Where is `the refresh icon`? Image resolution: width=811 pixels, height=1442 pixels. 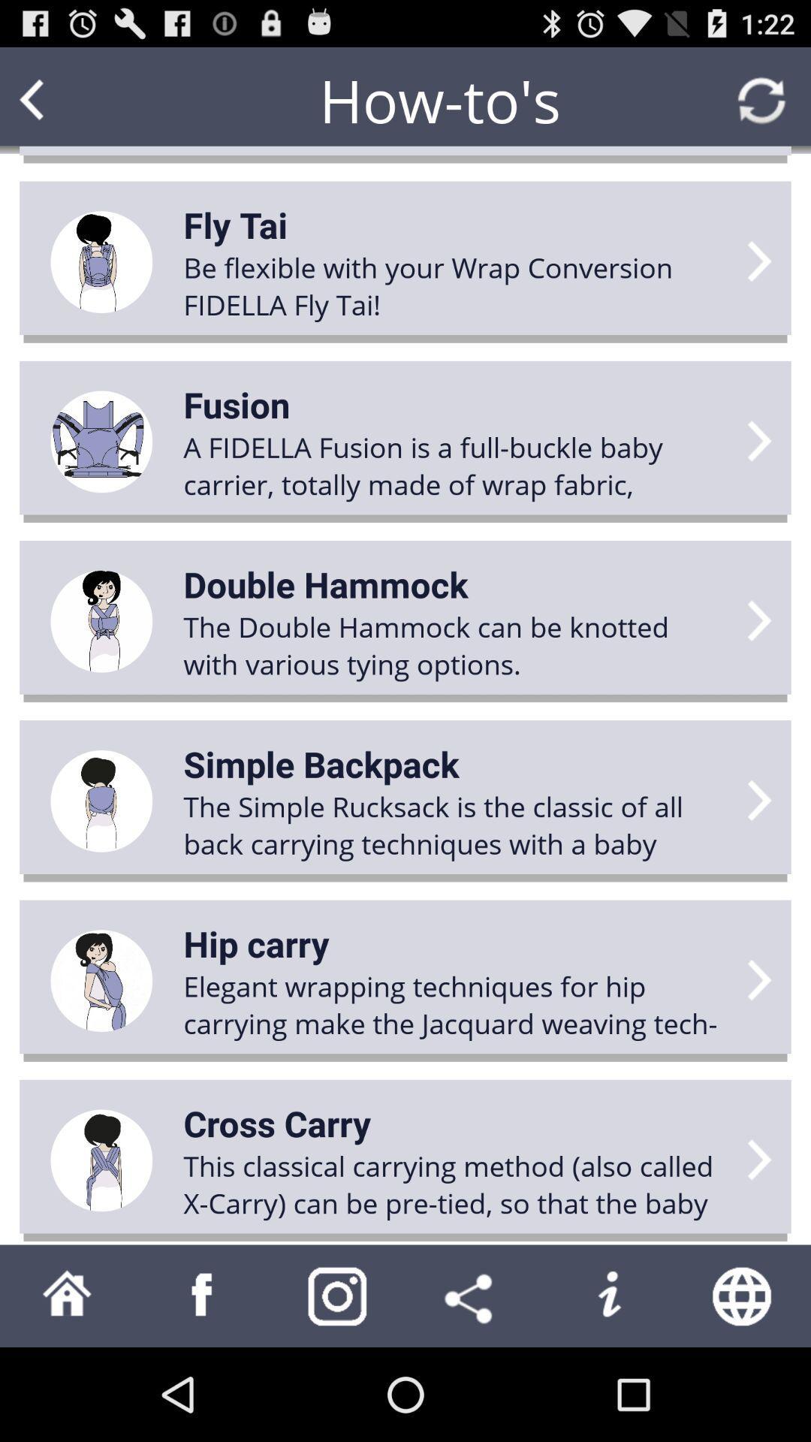
the refresh icon is located at coordinates (761, 107).